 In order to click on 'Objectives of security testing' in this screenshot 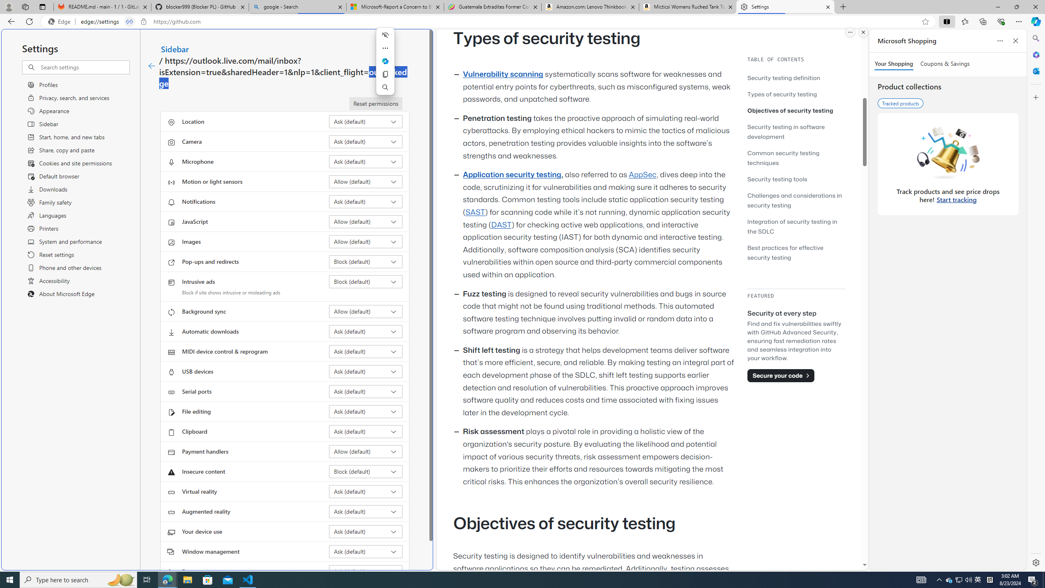, I will do `click(796, 110)`.